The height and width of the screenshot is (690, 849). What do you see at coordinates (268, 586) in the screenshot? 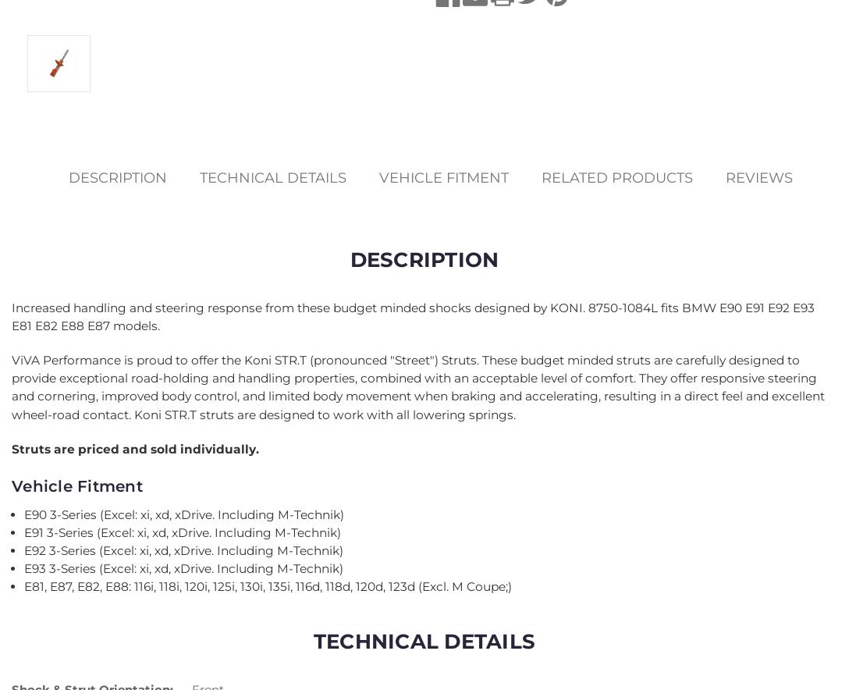
I see `'E81, E87, E82, E88: 116i, 118i, 120i, 125i, 130i, 135i, 116d, 118d, 120d, 123d (Excl. M Coupe;)'` at bounding box center [268, 586].